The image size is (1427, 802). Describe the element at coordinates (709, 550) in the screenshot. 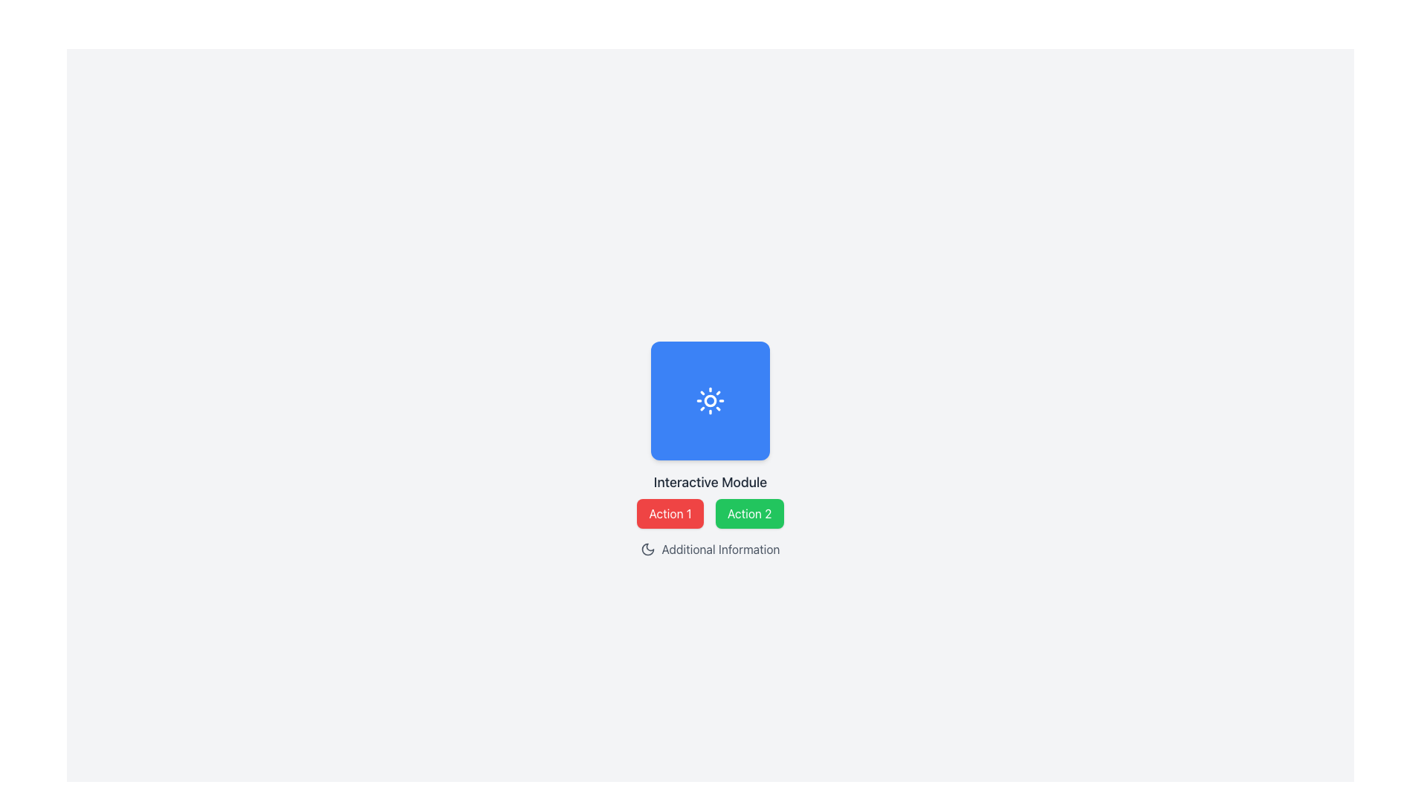

I see `the informational label with icon located at the bottom-middle of the interface, directly beneath the 'Action 1' and 'Action 2' buttons` at that location.